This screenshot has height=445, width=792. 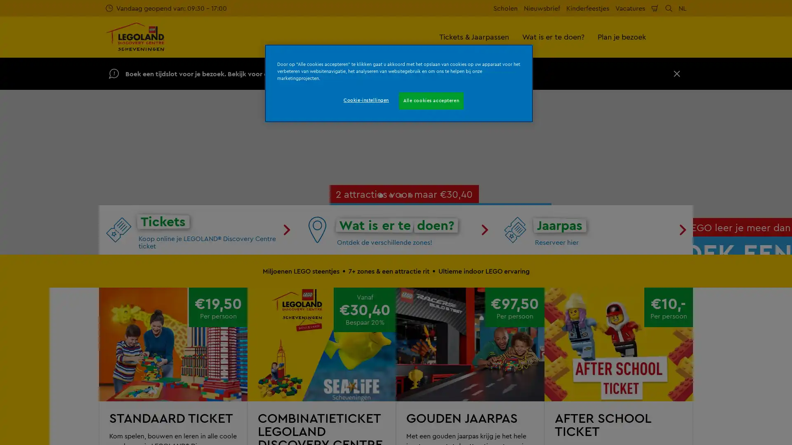 I want to click on Plan je bezoek, so click(x=622, y=36).